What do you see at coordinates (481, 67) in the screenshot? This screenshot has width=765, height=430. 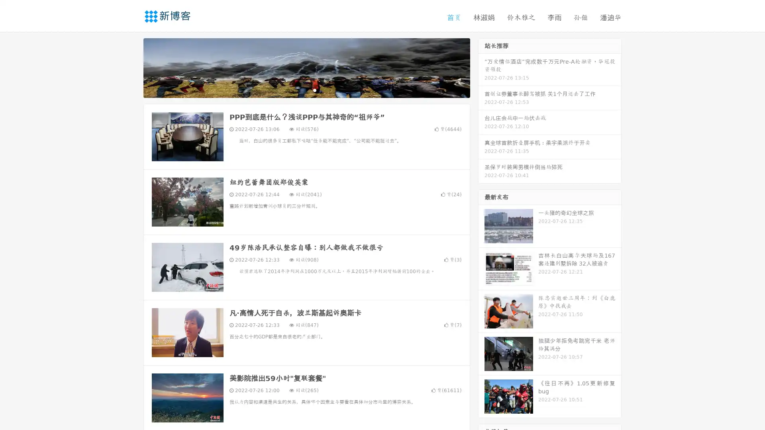 I see `Next slide` at bounding box center [481, 67].